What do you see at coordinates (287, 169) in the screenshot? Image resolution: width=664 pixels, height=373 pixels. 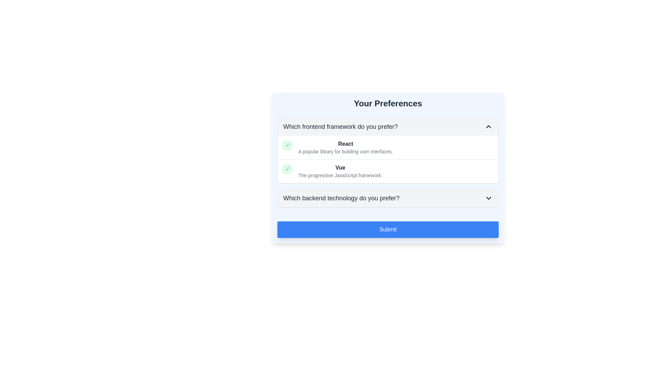 I see `the checkmark icon styled in light gray, located inside a green circular background` at bounding box center [287, 169].